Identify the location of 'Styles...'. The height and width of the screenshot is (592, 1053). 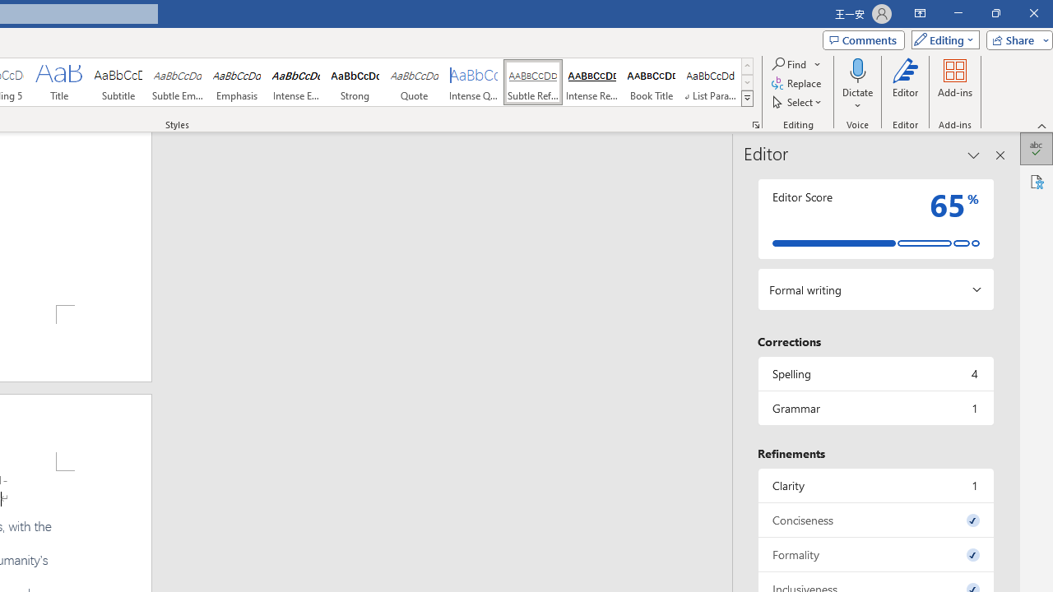
(755, 123).